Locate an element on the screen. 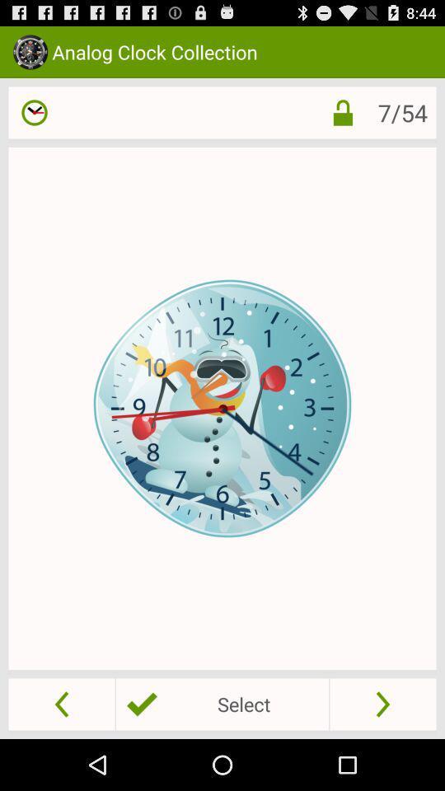 This screenshot has width=445, height=791. go forward is located at coordinates (382, 703).